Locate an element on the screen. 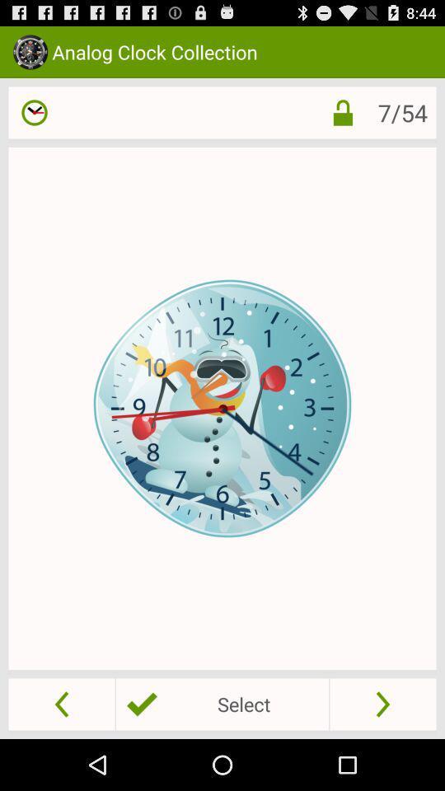 This screenshot has width=445, height=791. go forward is located at coordinates (382, 703).